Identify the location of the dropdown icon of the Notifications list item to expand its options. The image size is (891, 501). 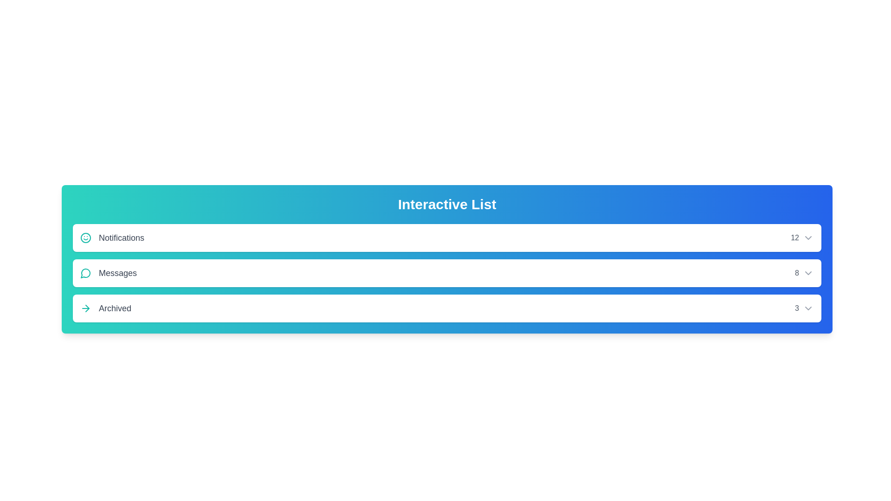
(808, 238).